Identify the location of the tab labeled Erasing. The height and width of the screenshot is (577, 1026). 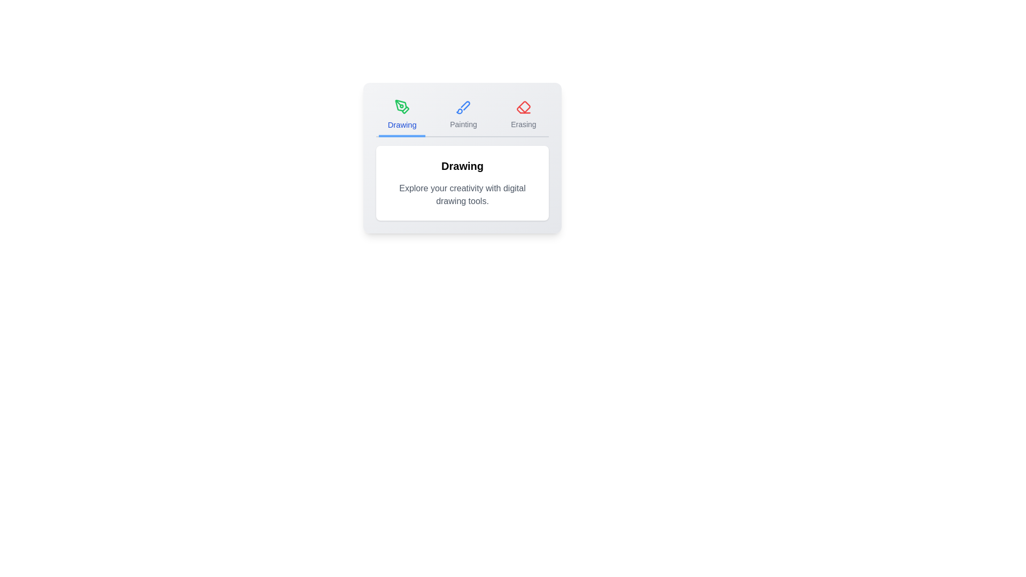
(523, 115).